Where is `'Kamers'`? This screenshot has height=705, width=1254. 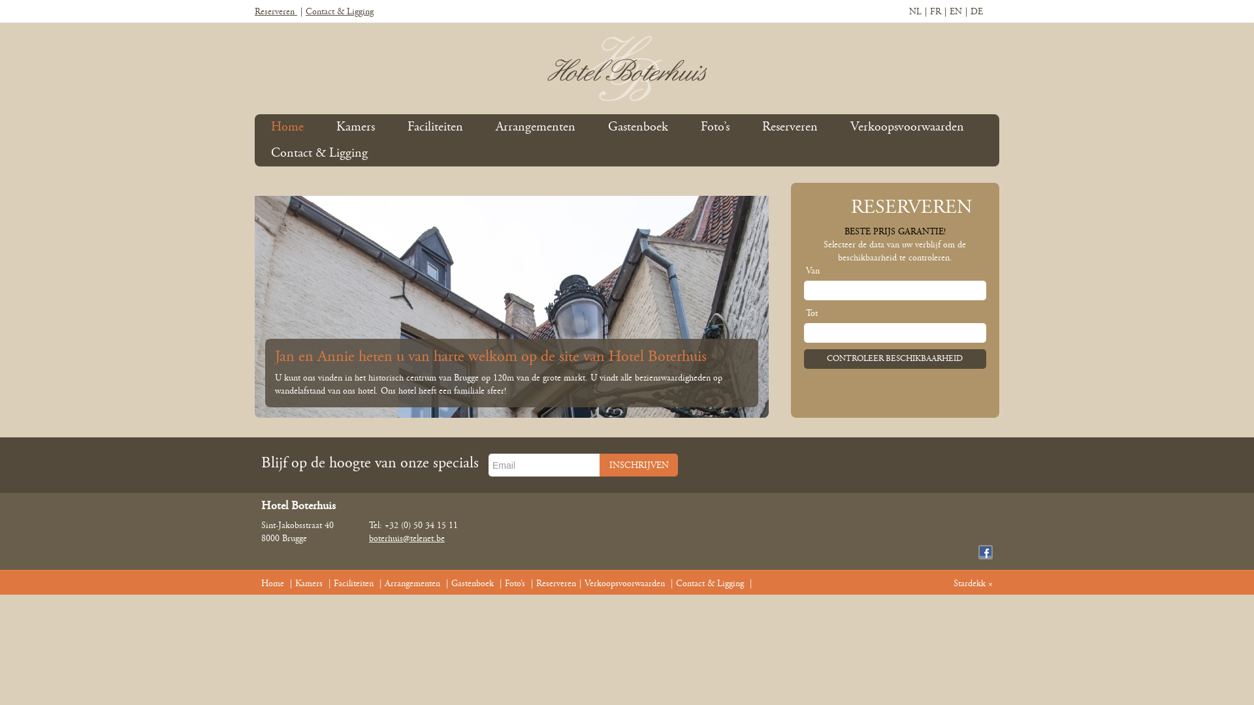
'Kamers' is located at coordinates (308, 583).